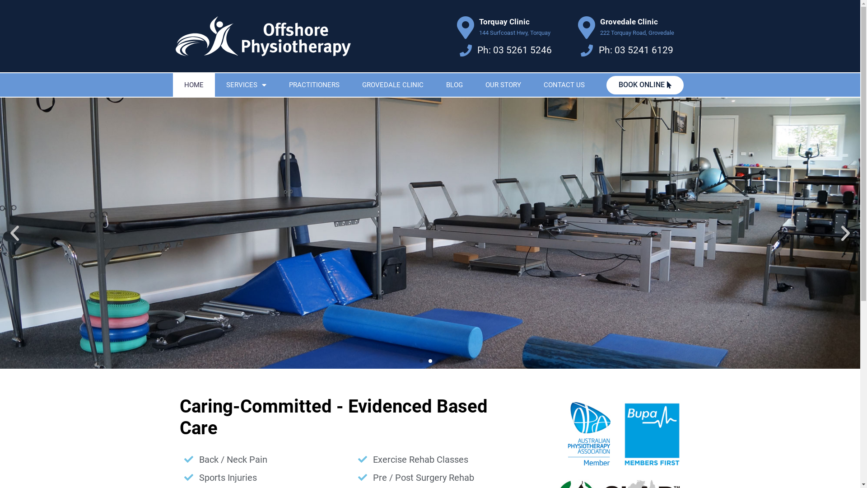  I want to click on 'SERVICES', so click(214, 85).